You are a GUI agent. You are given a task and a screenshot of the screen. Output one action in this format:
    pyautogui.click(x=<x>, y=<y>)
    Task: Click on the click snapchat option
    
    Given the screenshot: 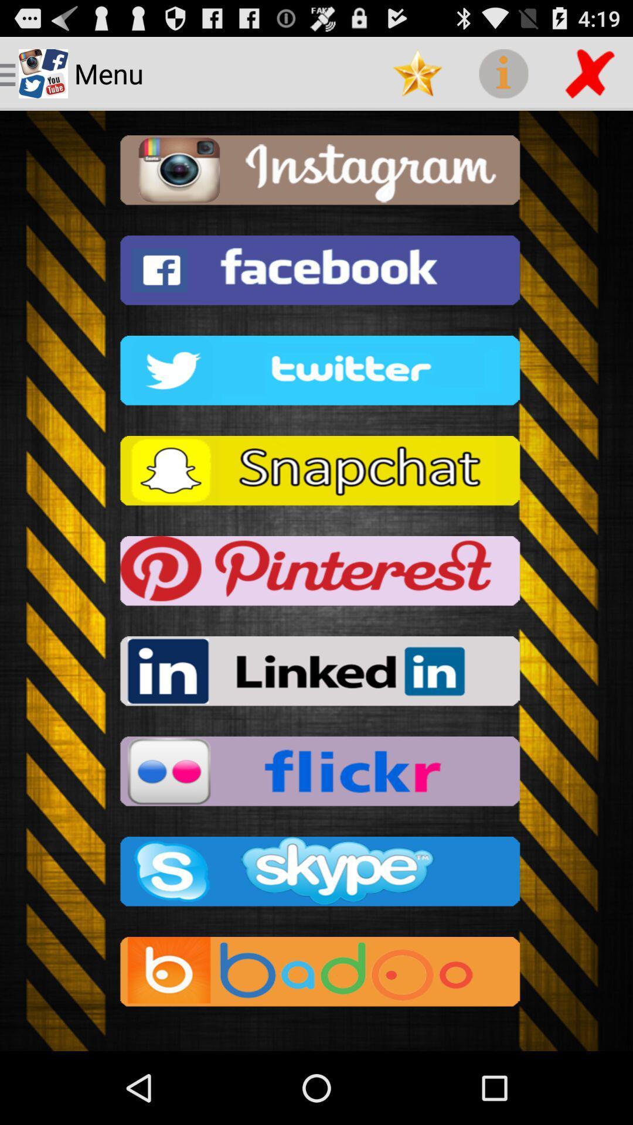 What is the action you would take?
    pyautogui.click(x=316, y=474)
    